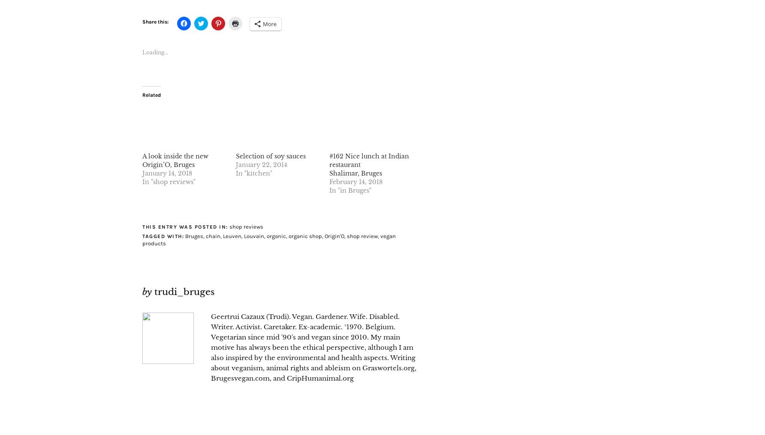  Describe the element at coordinates (346, 235) in the screenshot. I see `'shop review'` at that location.